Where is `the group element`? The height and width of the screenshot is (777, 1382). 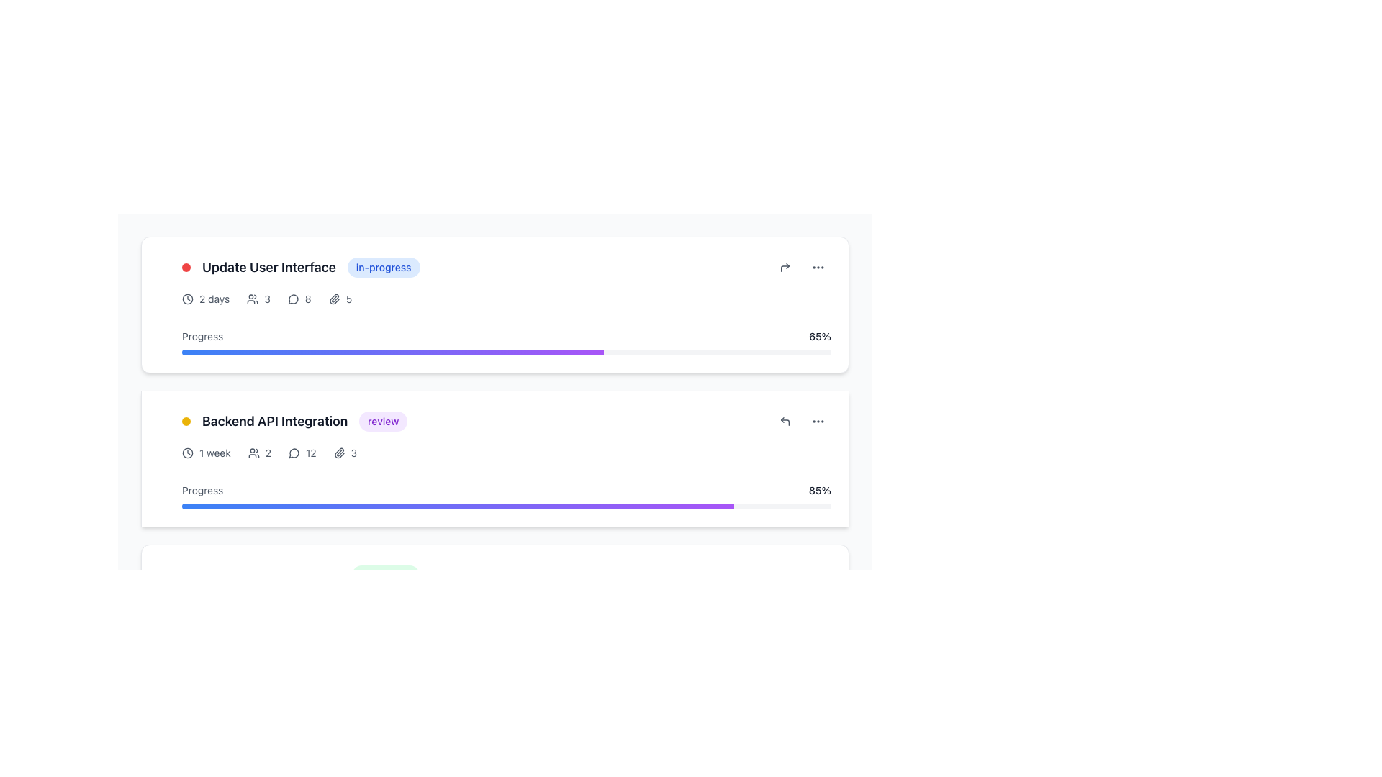 the group element is located at coordinates (294, 421).